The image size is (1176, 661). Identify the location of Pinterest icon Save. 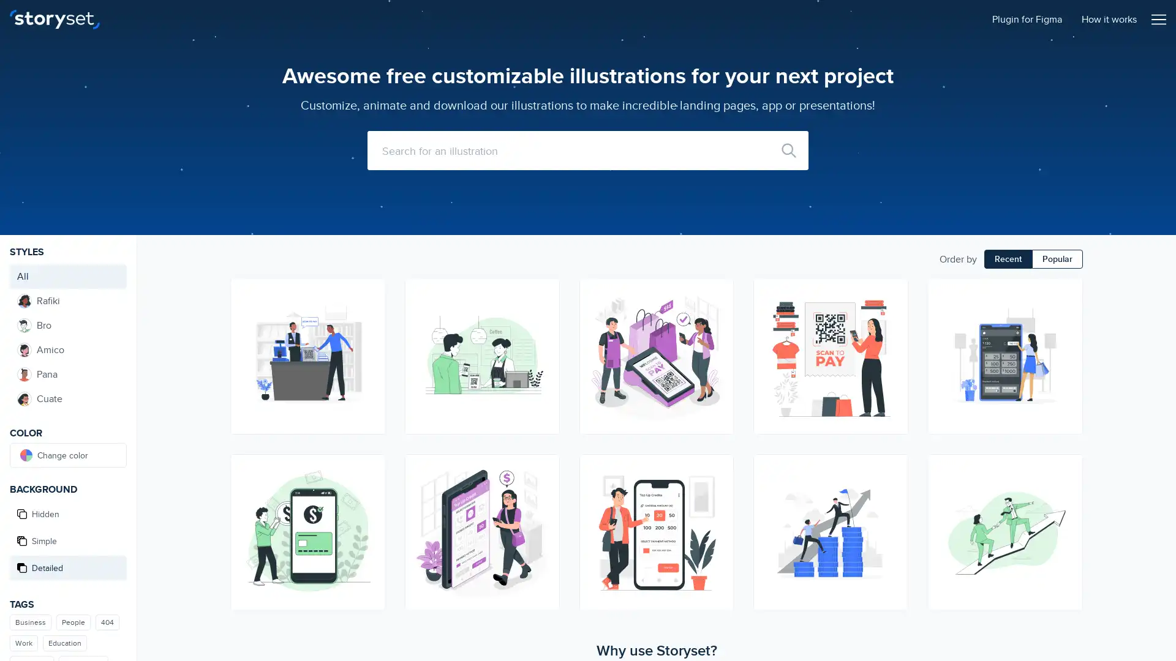
(543, 512).